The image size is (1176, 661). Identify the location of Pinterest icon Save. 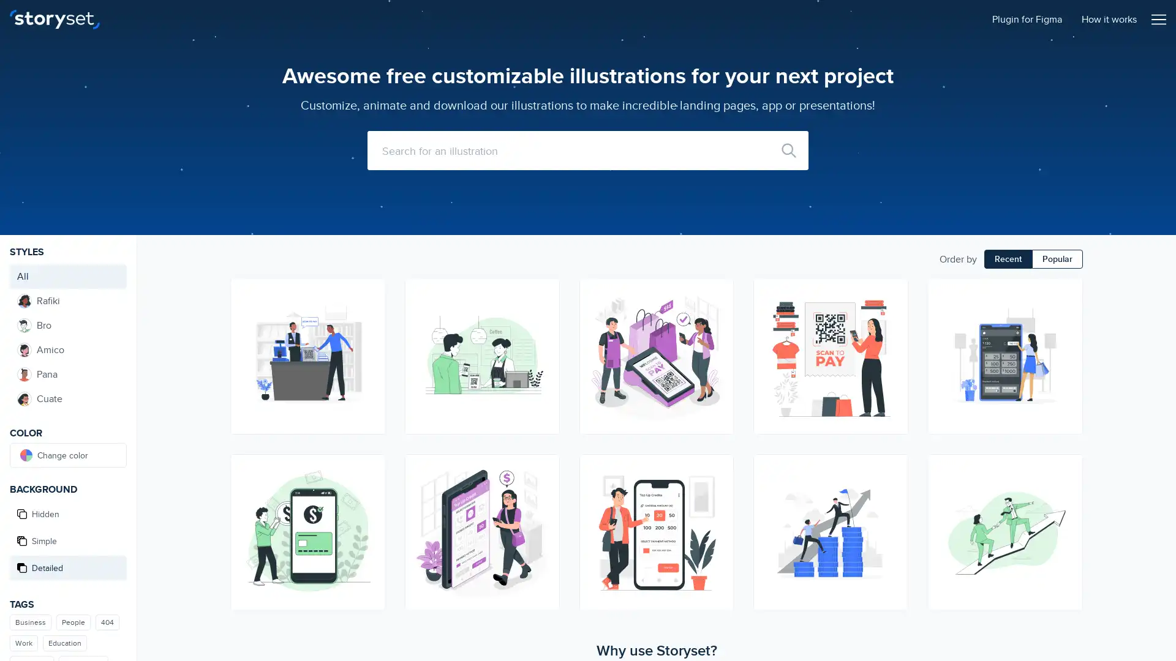
(543, 512).